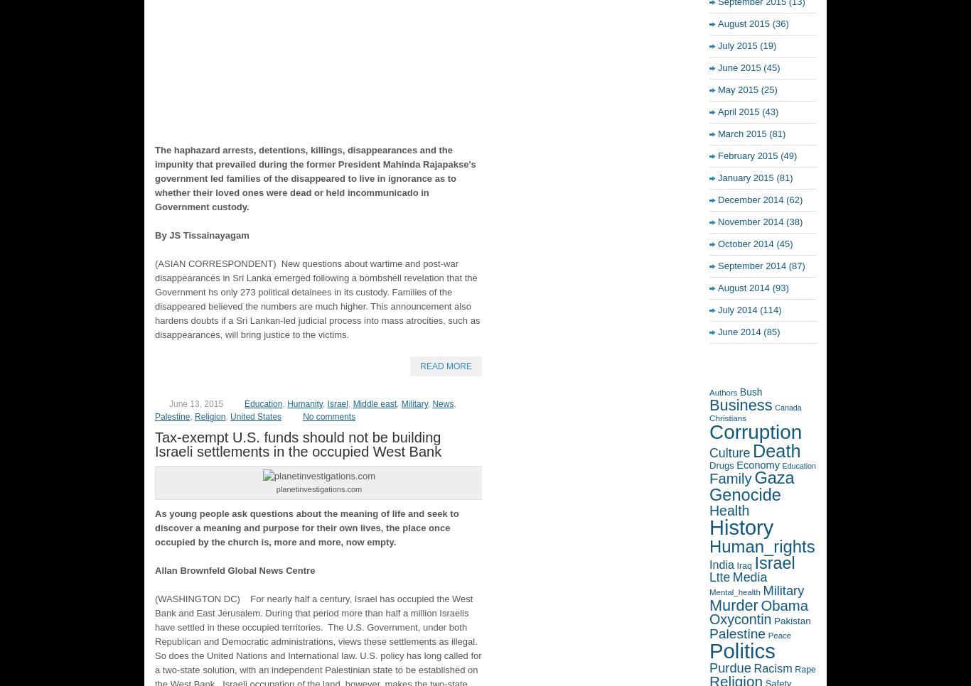 This screenshot has width=971, height=686. Describe the element at coordinates (731, 577) in the screenshot. I see `'Media'` at that location.